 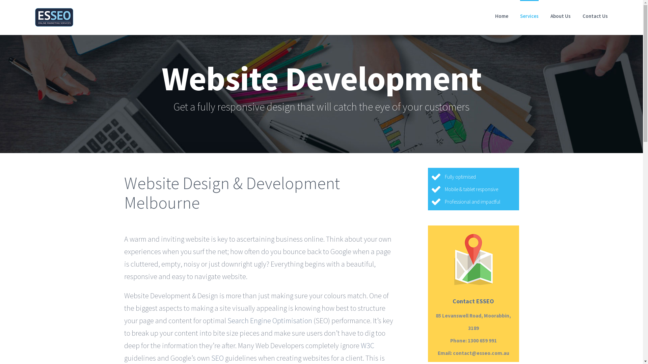 I want to click on 'W3C', so click(x=360, y=345).